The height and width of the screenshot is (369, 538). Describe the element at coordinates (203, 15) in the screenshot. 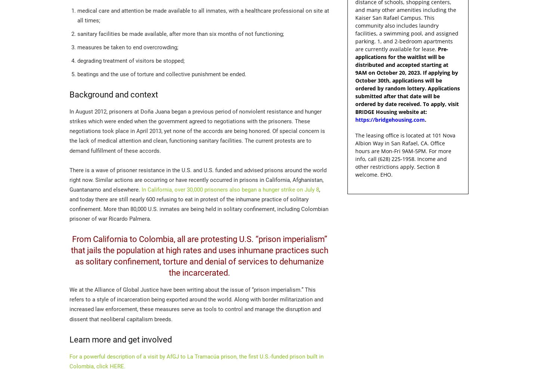

I see `'medical care and attention be made available to all inmates, with a healthcare professional on site at all times;'` at that location.